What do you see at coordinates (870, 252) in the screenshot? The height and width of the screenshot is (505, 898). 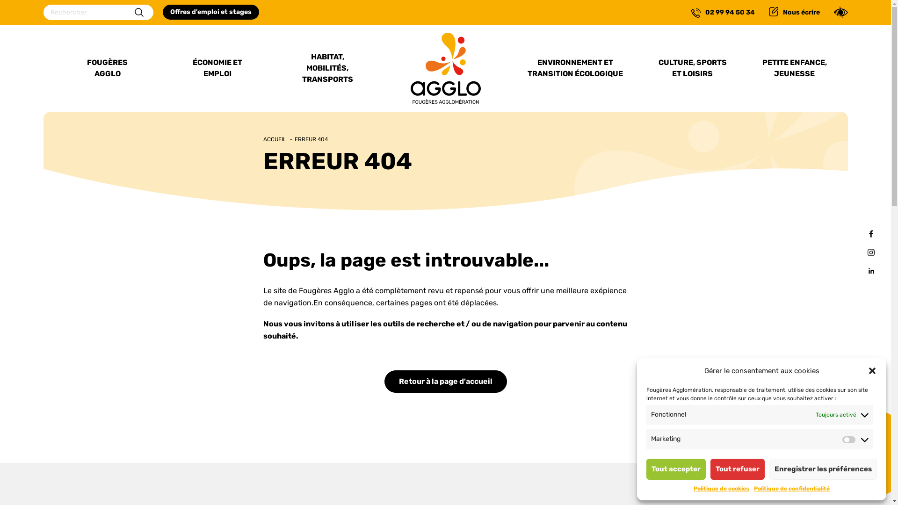 I see `'Instagram'` at bounding box center [870, 252].